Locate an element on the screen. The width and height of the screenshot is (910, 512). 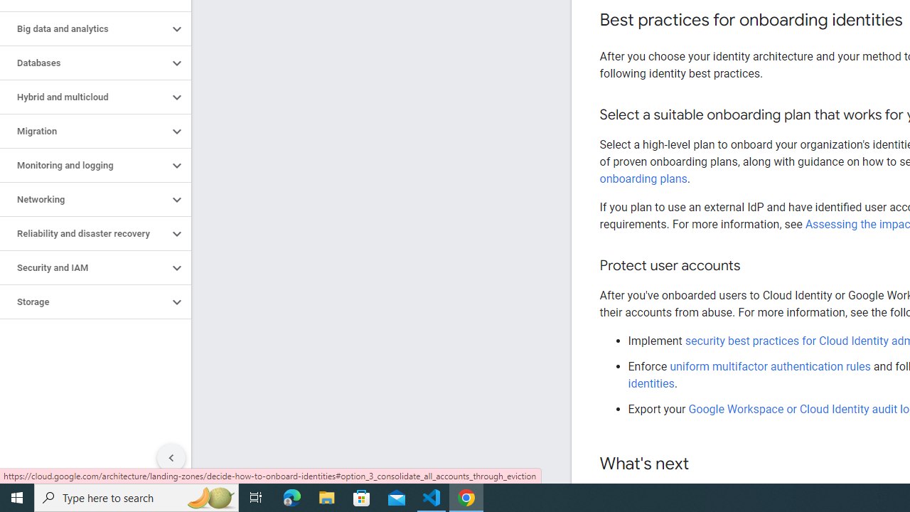
'Storage' is located at coordinates (83, 302).